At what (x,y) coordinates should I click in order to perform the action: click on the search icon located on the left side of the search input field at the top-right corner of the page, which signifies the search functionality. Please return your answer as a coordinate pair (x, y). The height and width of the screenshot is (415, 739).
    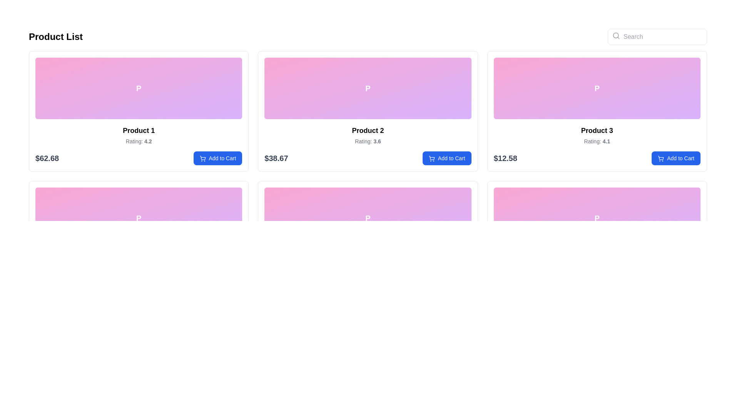
    Looking at the image, I should click on (616, 35).